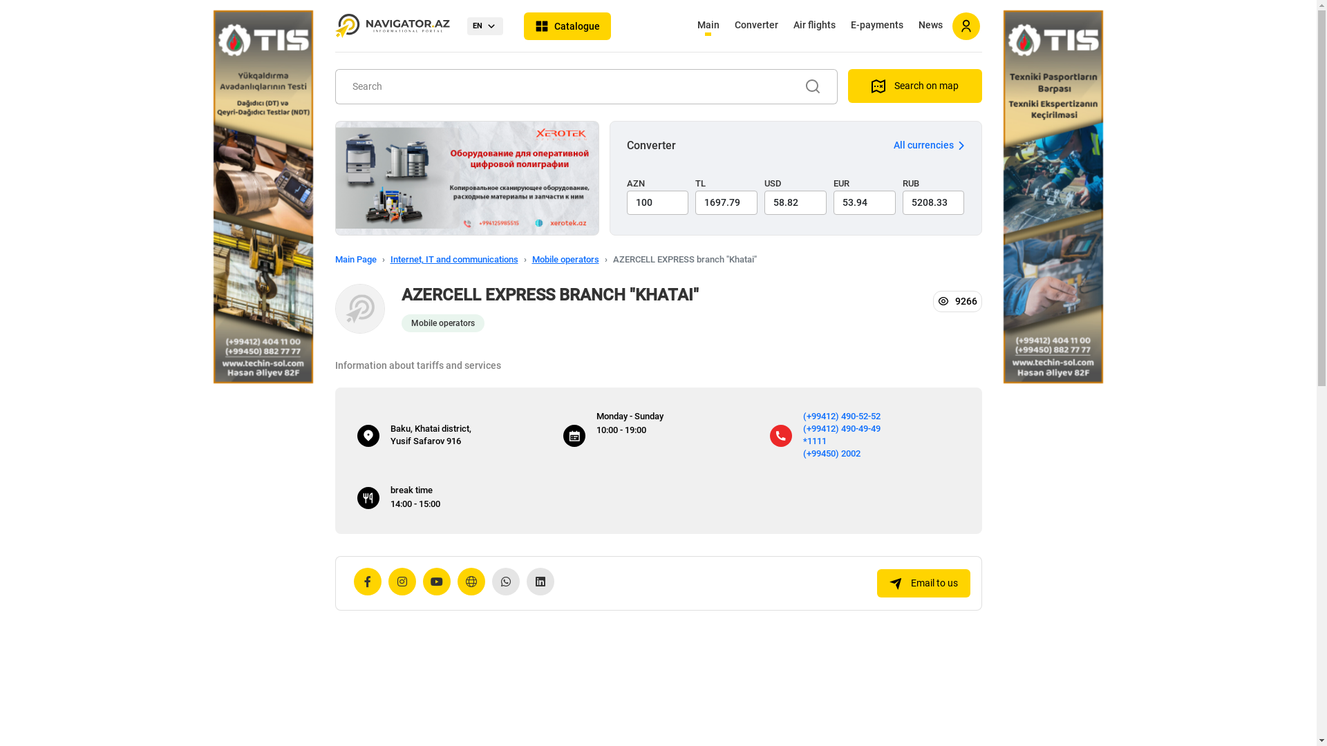 The width and height of the screenshot is (1327, 746). Describe the element at coordinates (389, 259) in the screenshot. I see `'Internet, IT and communications'` at that location.